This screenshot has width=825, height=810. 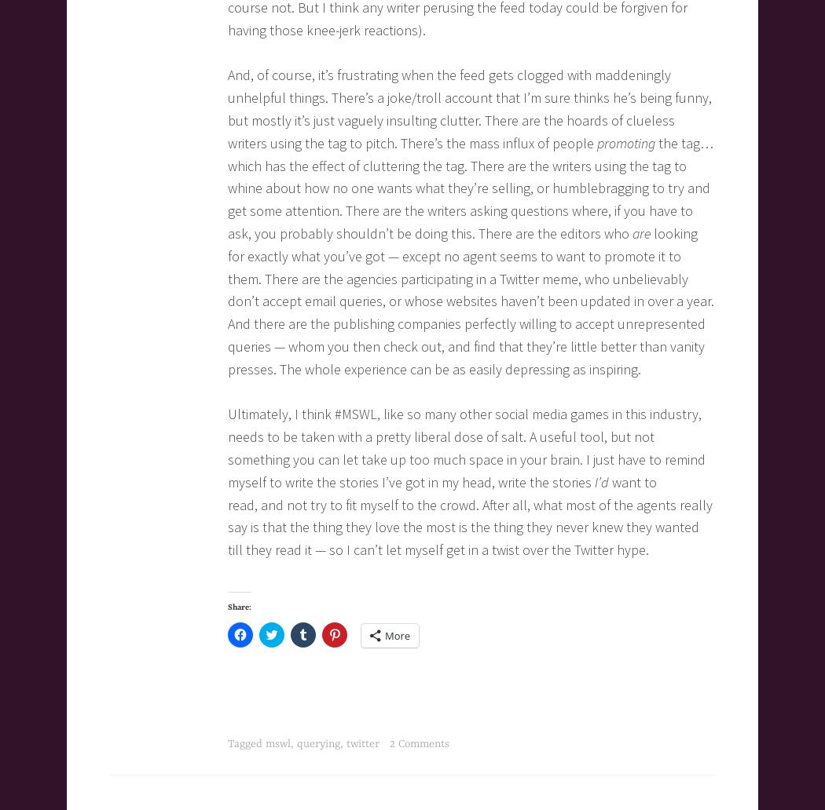 What do you see at coordinates (240, 605) in the screenshot?
I see `'Share:'` at bounding box center [240, 605].